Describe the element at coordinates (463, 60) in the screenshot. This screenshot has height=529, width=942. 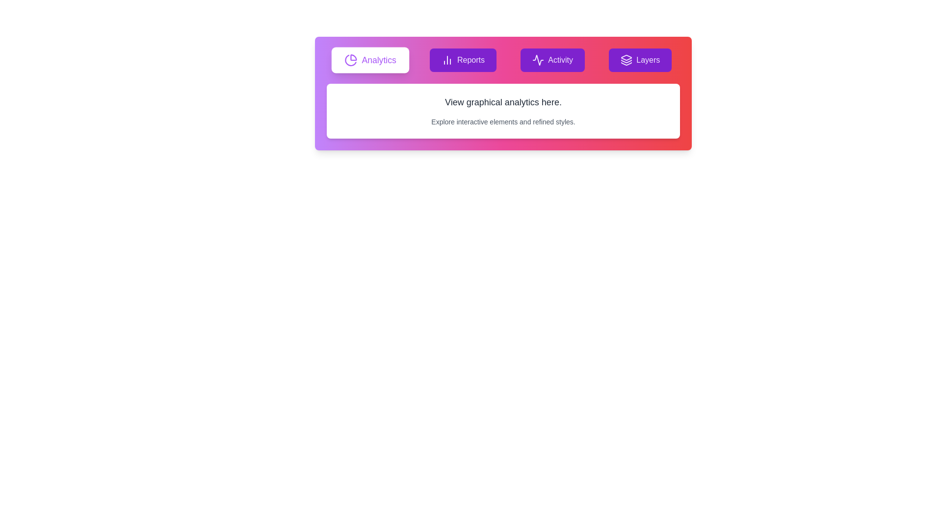
I see `the tab labeled Reports to view its content` at that location.